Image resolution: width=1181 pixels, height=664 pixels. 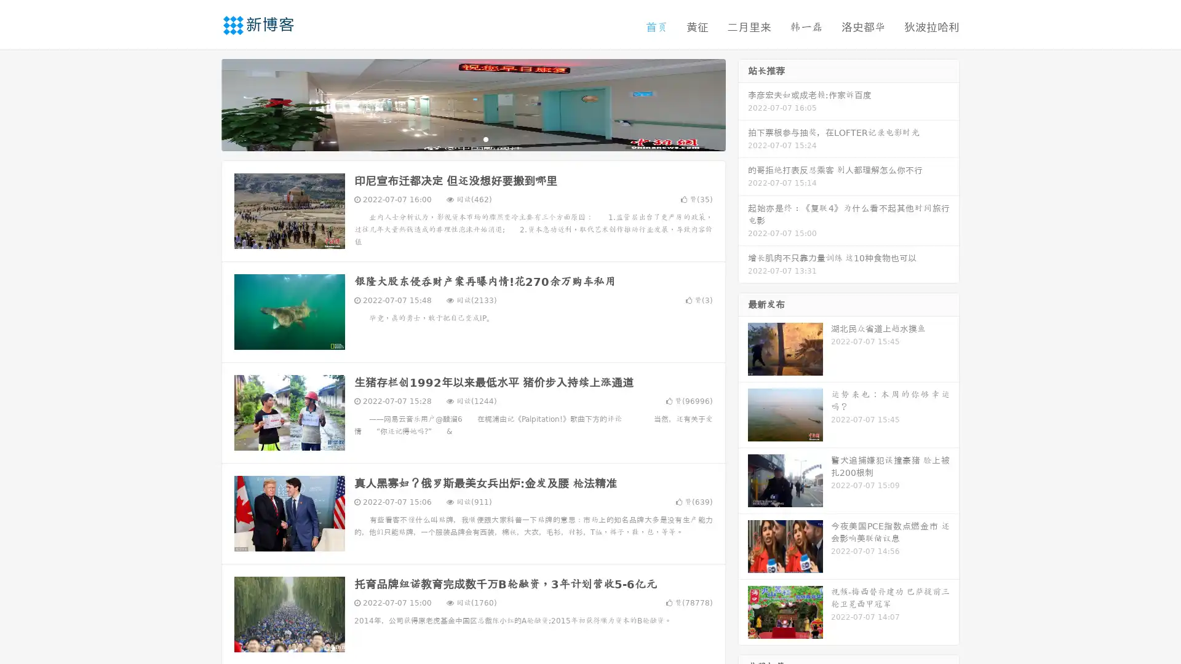 I want to click on Go to slide 3, so click(x=485, y=138).